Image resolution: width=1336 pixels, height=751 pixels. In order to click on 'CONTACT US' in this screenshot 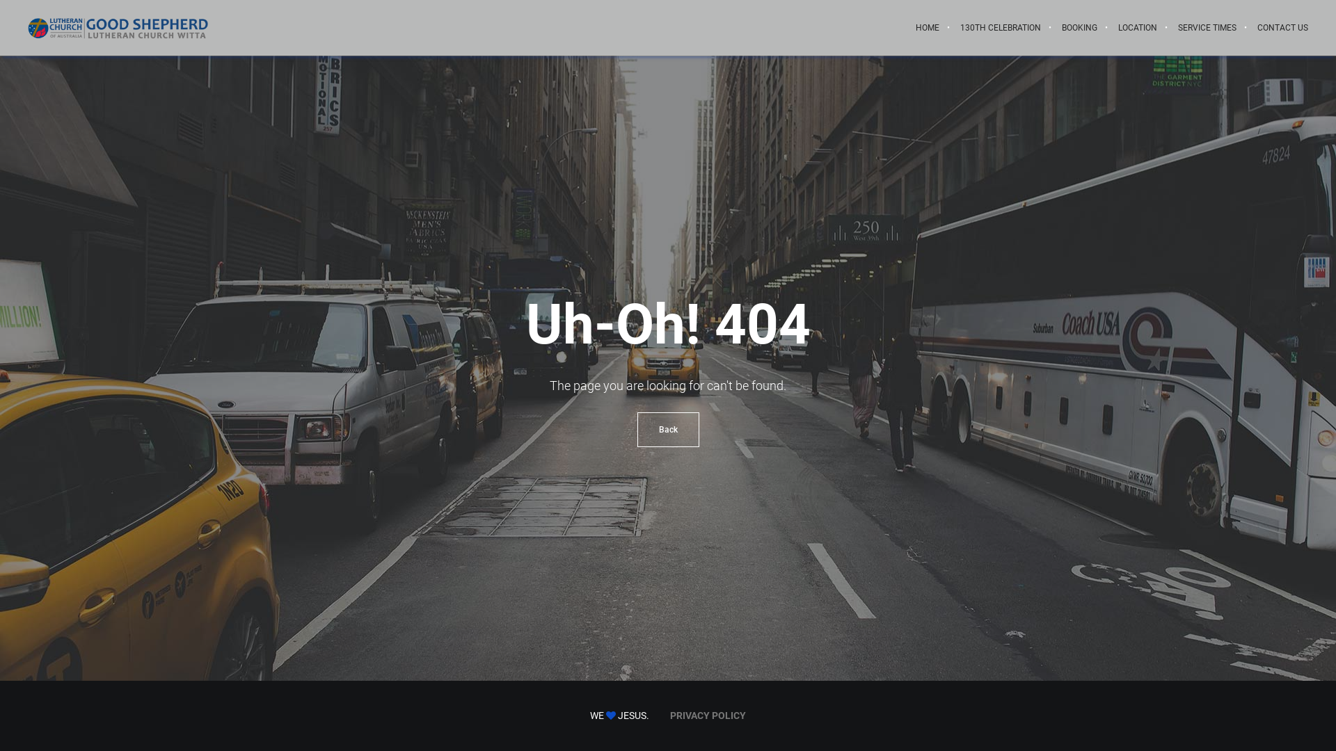, I will do `click(1246, 27)`.